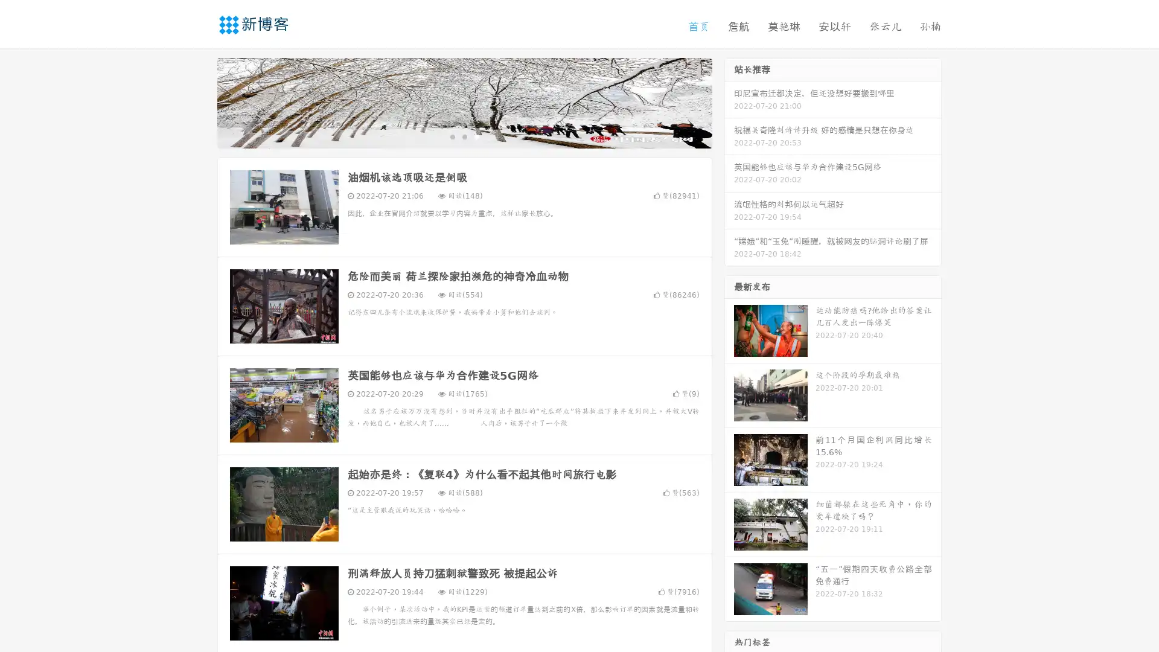 Image resolution: width=1159 pixels, height=652 pixels. What do you see at coordinates (729, 101) in the screenshot?
I see `Next slide` at bounding box center [729, 101].